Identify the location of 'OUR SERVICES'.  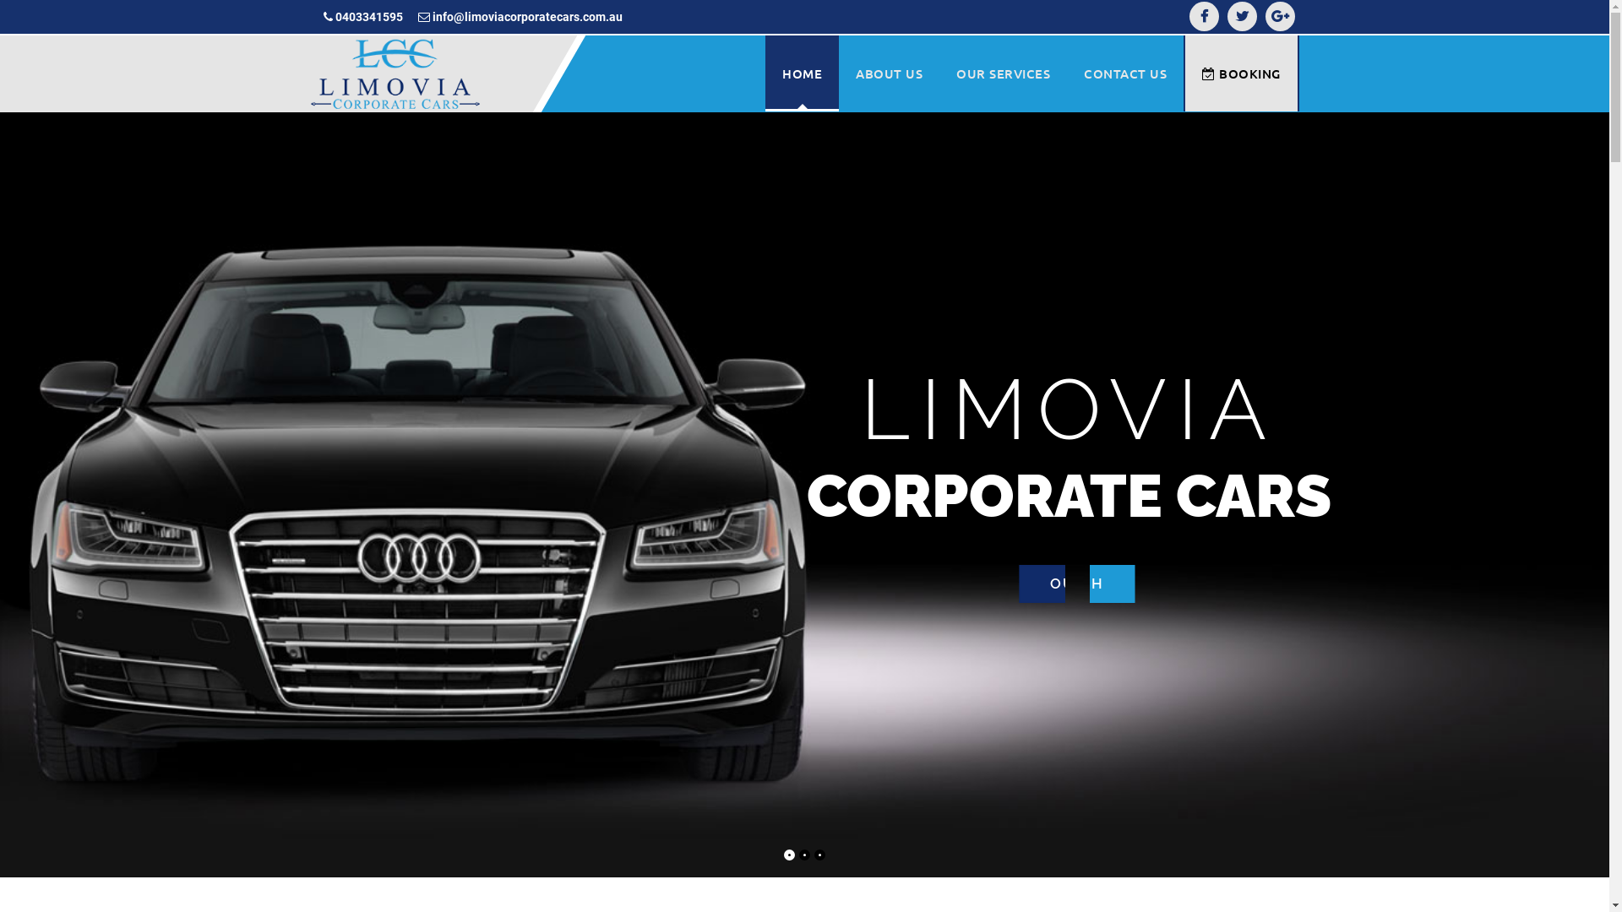
(1003, 73).